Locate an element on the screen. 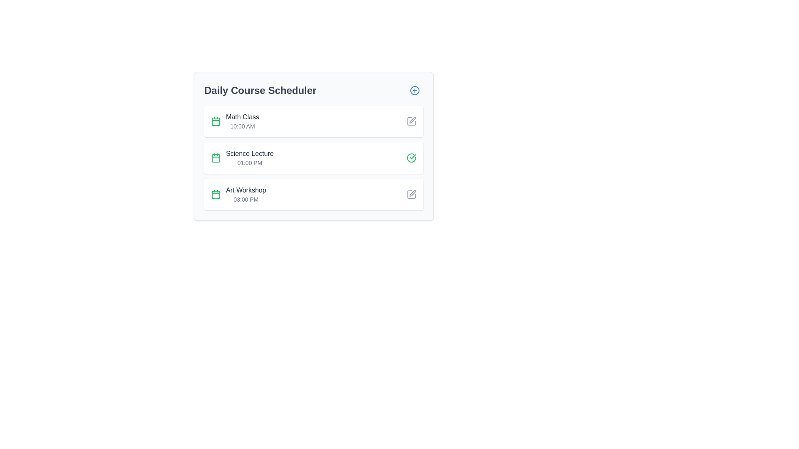 The image size is (799, 449). the scheduled event element representing the 'Science Lecture' at '01:00 PM' in the 'Daily Course Scheduler' list, located between 'Math Class' and 'Art Workshop' is located at coordinates (242, 158).